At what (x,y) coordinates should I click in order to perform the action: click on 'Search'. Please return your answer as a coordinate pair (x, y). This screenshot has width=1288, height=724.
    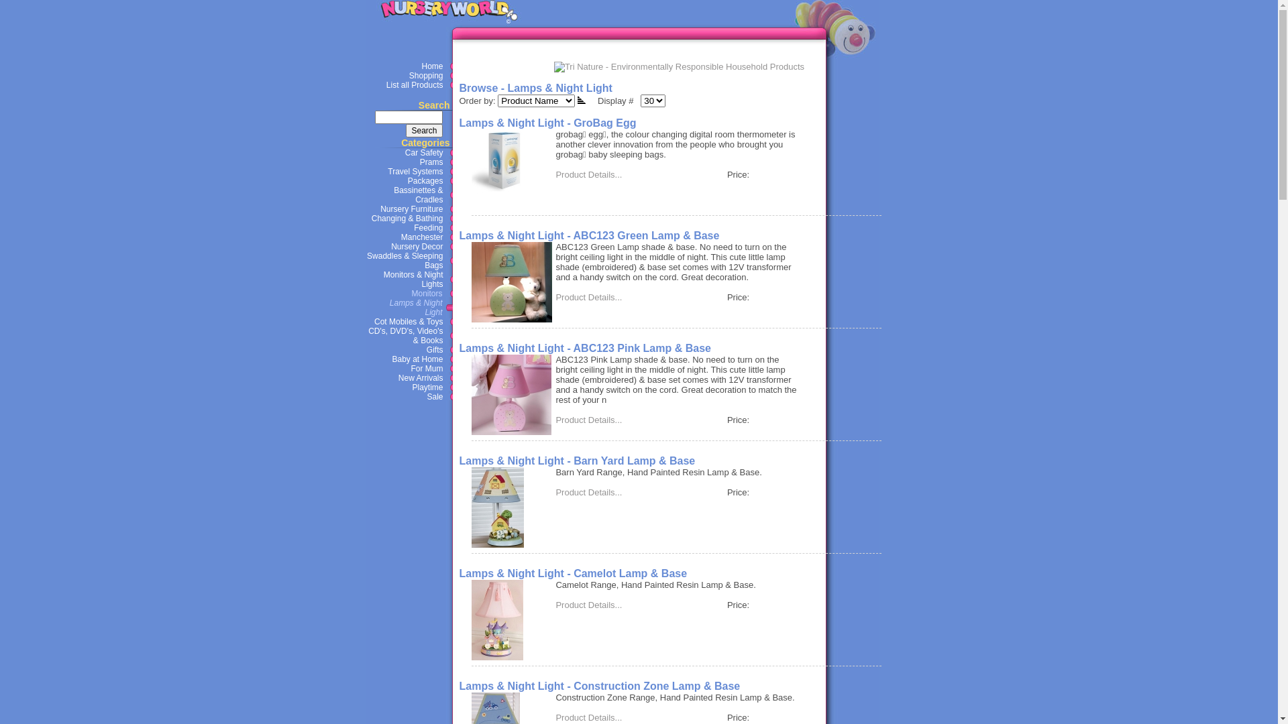
    Looking at the image, I should click on (407, 116).